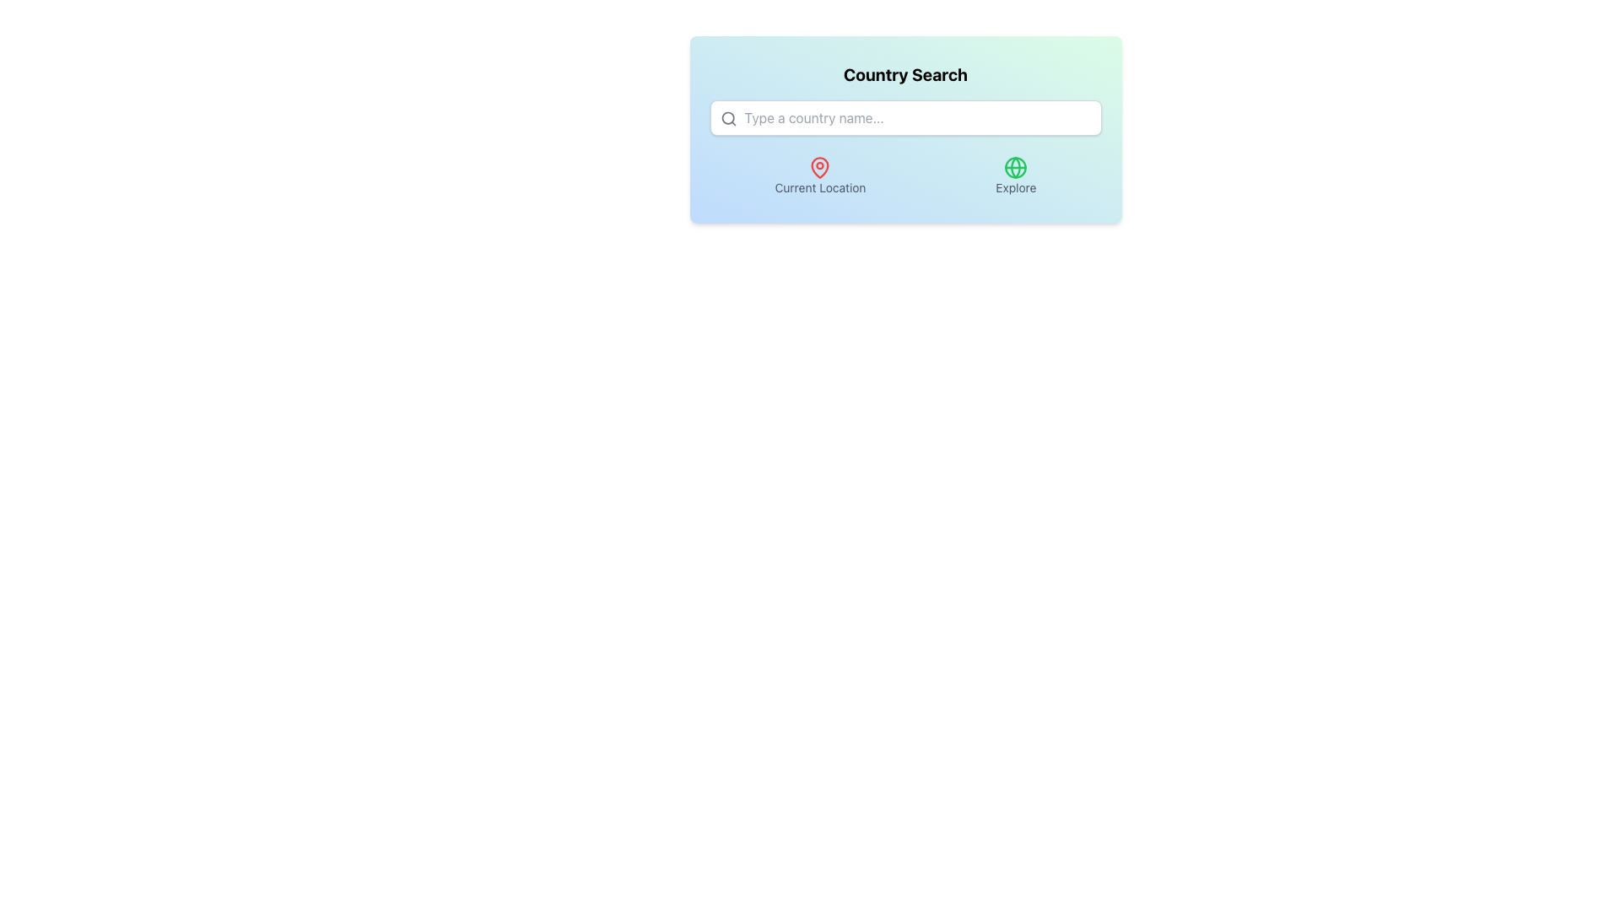 This screenshot has width=1620, height=911. Describe the element at coordinates (1015, 188) in the screenshot. I see `the 'Explore' label, which is styled in a smaller font size and gray color, positioned directly beneath the globe icon` at that location.